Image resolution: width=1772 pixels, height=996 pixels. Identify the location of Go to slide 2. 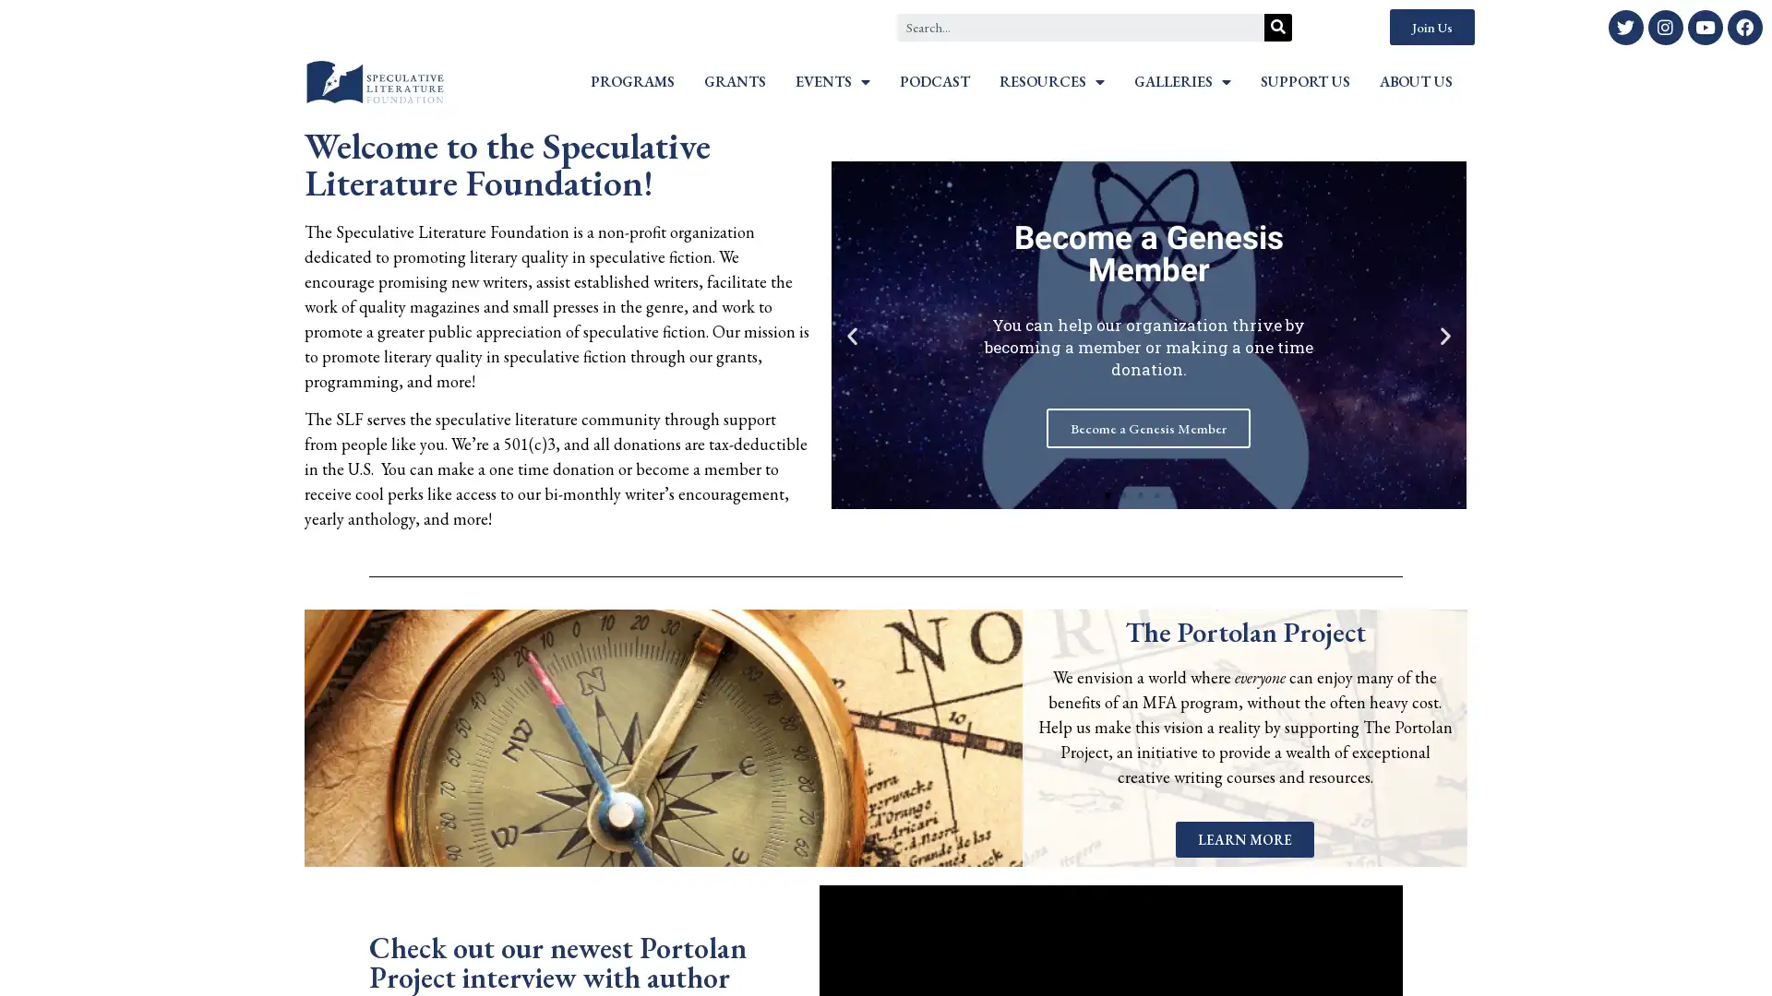
(1123, 493).